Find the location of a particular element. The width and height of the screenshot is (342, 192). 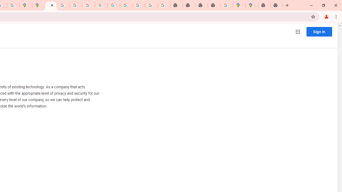

'New Tab' is located at coordinates (277, 5).